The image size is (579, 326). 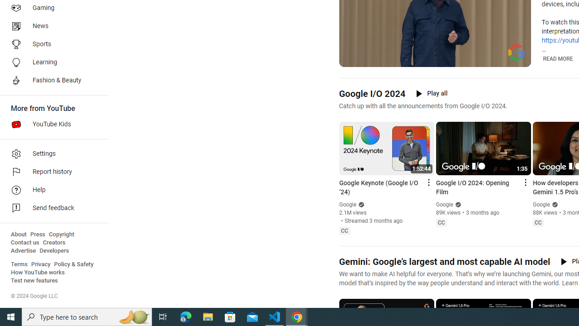 I want to click on 'Channel watermark', so click(x=516, y=52).